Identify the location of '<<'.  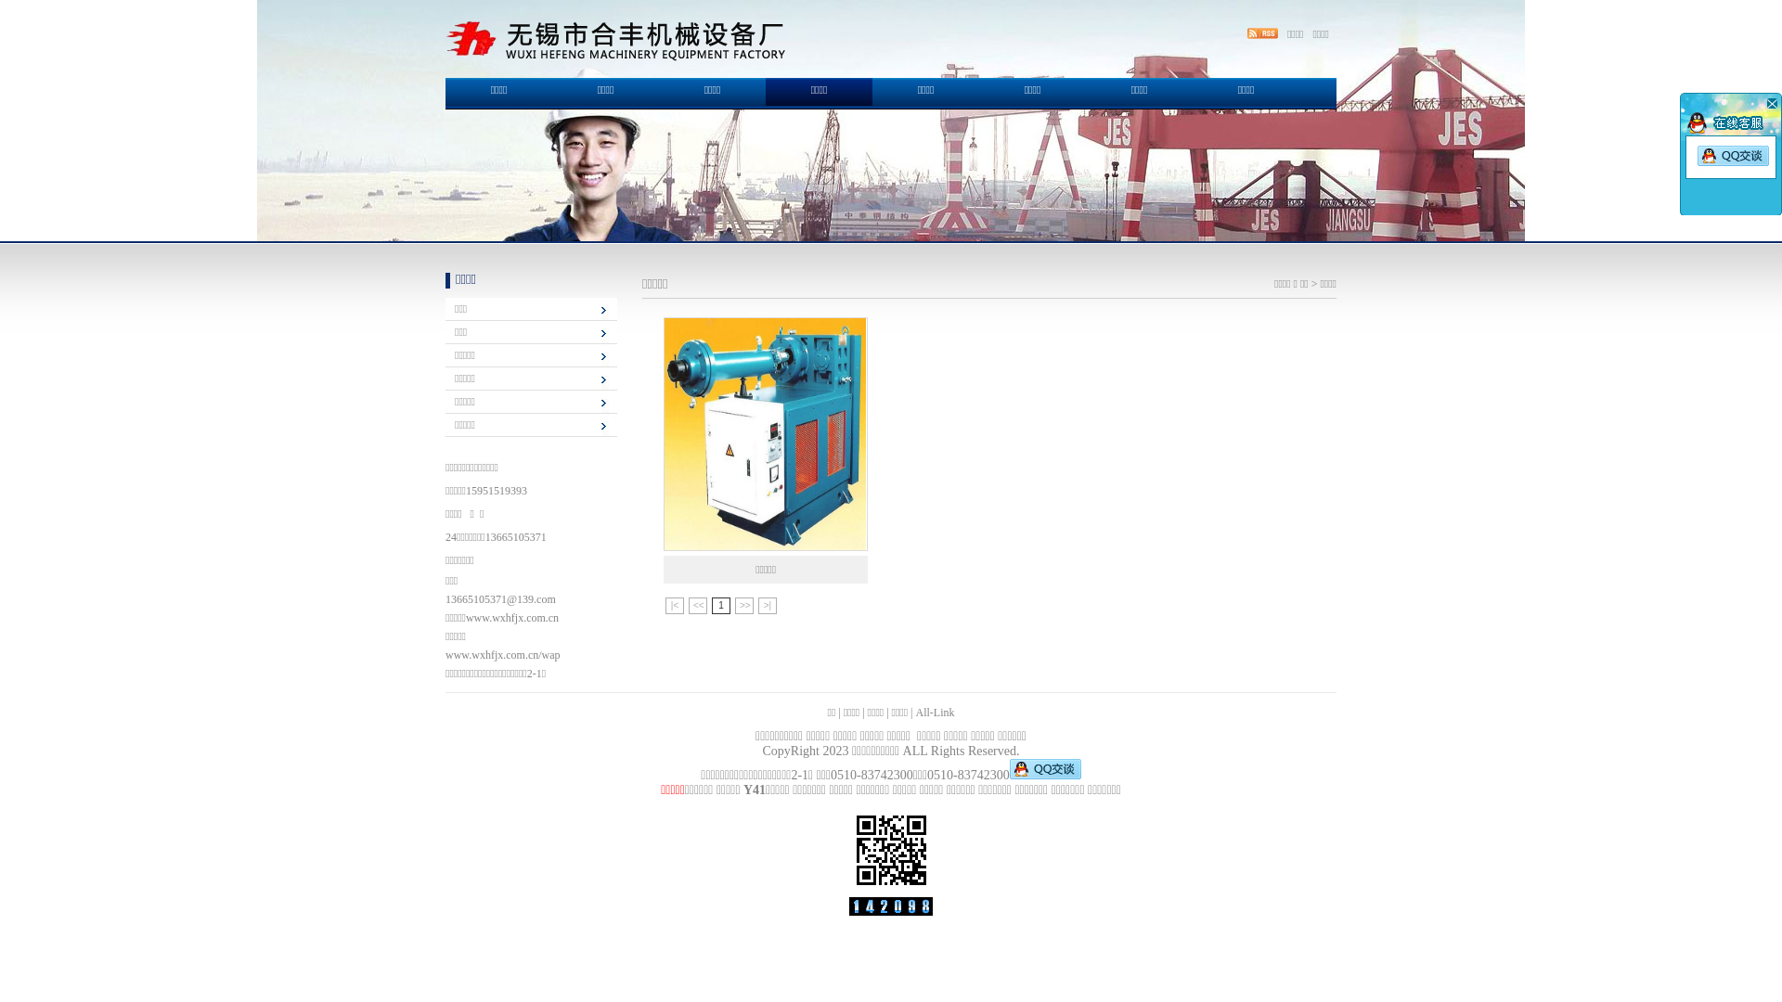
(688, 605).